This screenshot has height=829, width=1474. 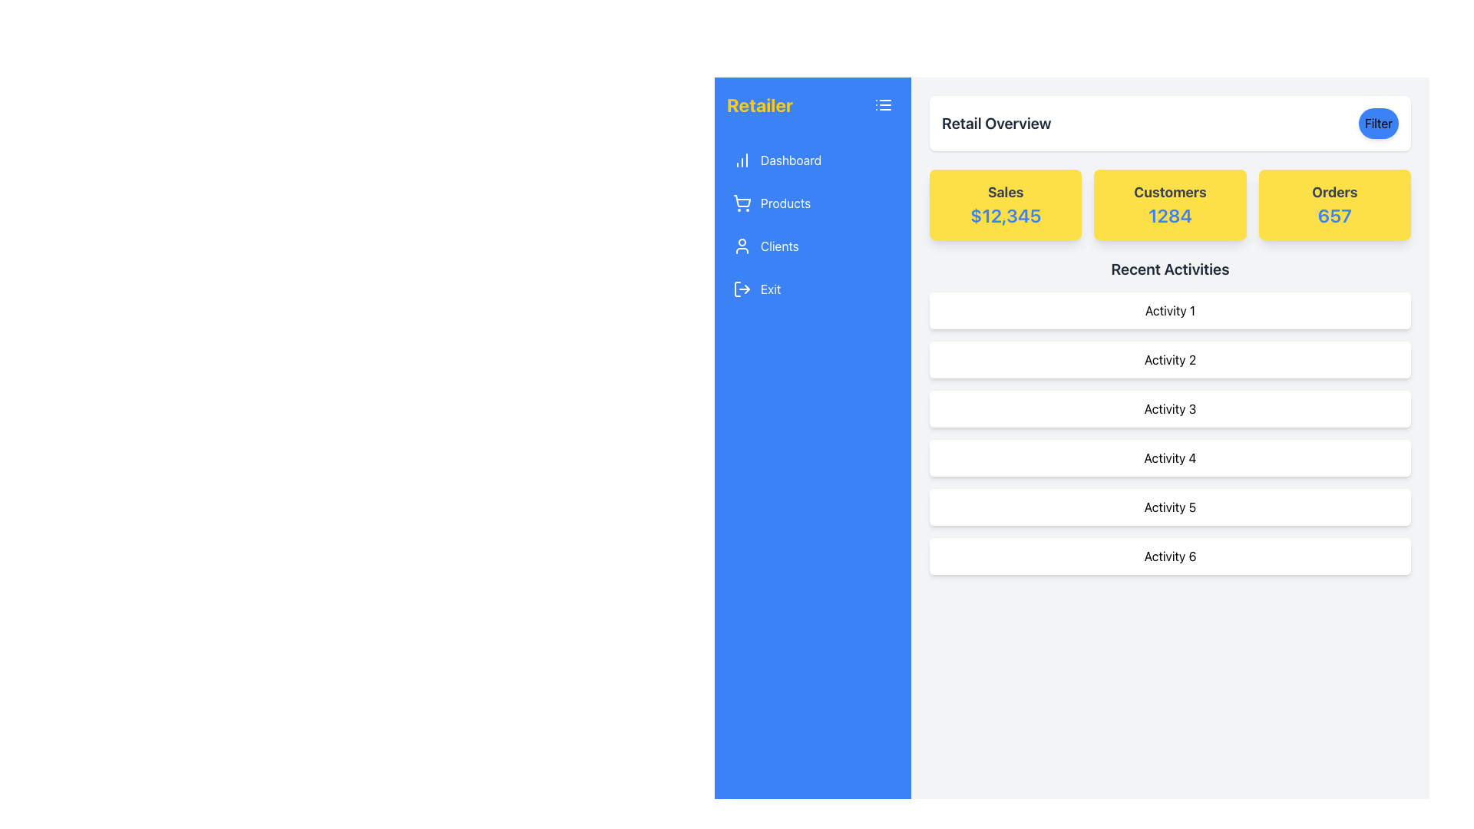 What do you see at coordinates (742, 200) in the screenshot?
I see `the Icon in the navigation bar that leads to the products section, located as the second item in the sidebar underneath the dashboard icon` at bounding box center [742, 200].